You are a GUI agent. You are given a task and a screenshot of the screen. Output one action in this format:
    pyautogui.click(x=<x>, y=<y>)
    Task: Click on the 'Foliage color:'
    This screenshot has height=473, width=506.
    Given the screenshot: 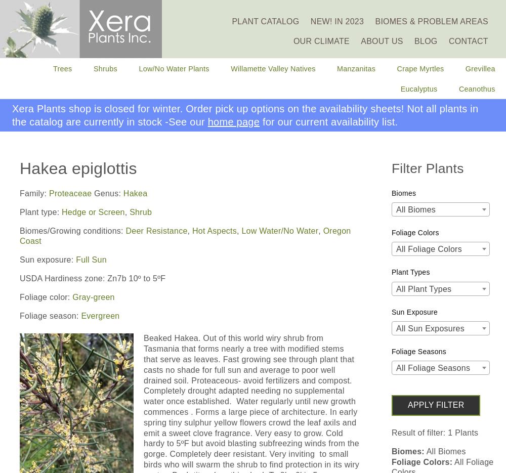 What is the action you would take?
    pyautogui.click(x=46, y=296)
    